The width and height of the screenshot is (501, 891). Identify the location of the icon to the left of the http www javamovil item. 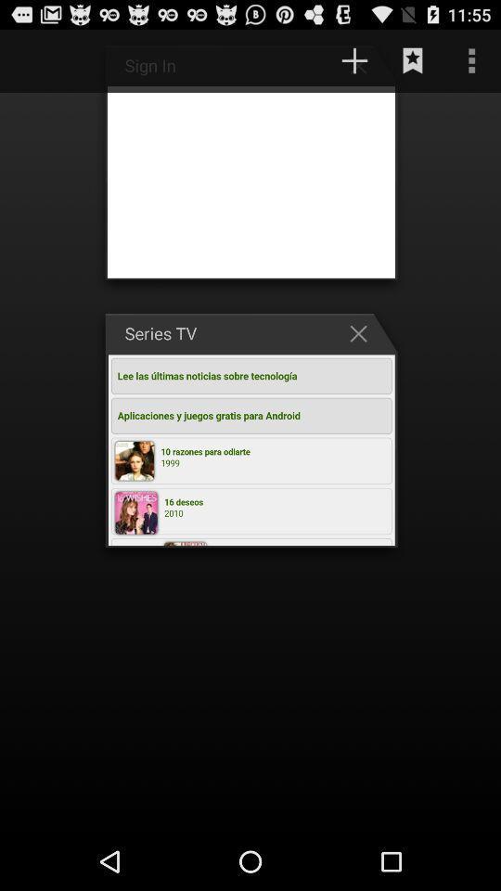
(38, 60).